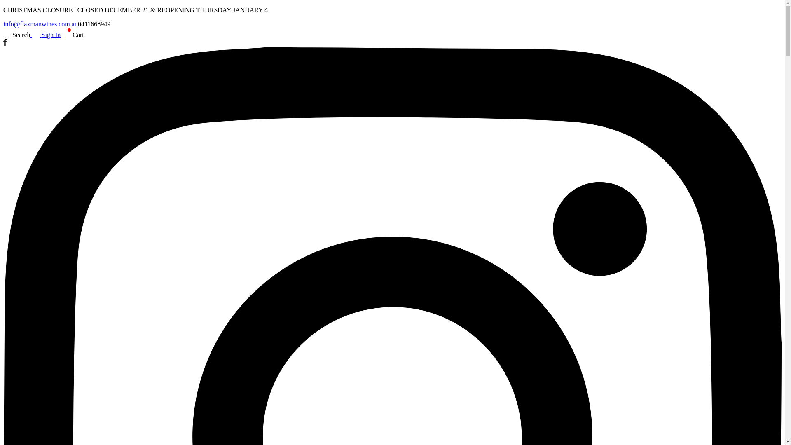 The width and height of the screenshot is (791, 445). I want to click on 'Search', so click(17, 34).